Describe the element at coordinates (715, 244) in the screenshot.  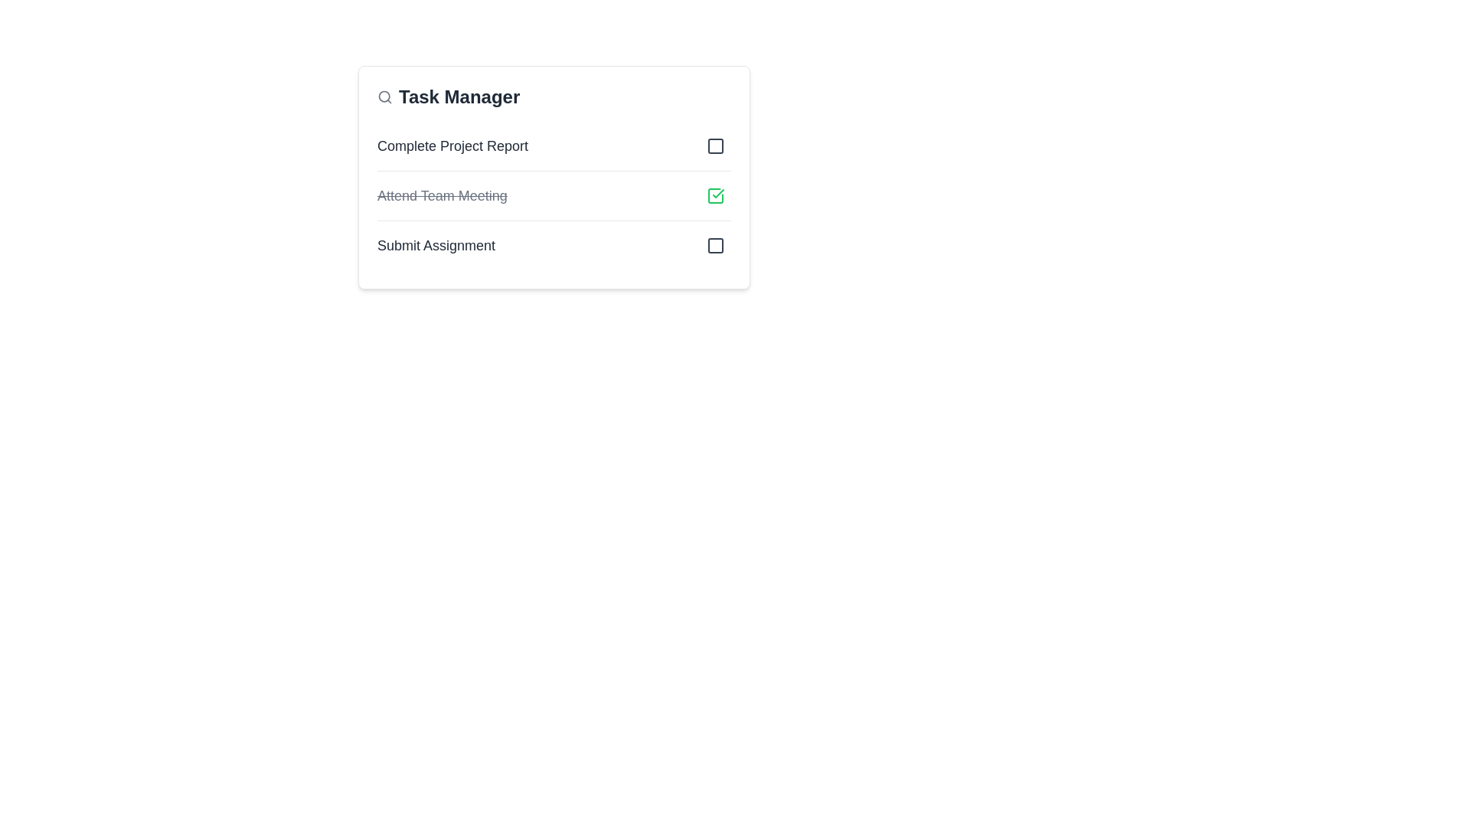
I see `the square icon located beside the 'Submit Assignment' label` at that location.